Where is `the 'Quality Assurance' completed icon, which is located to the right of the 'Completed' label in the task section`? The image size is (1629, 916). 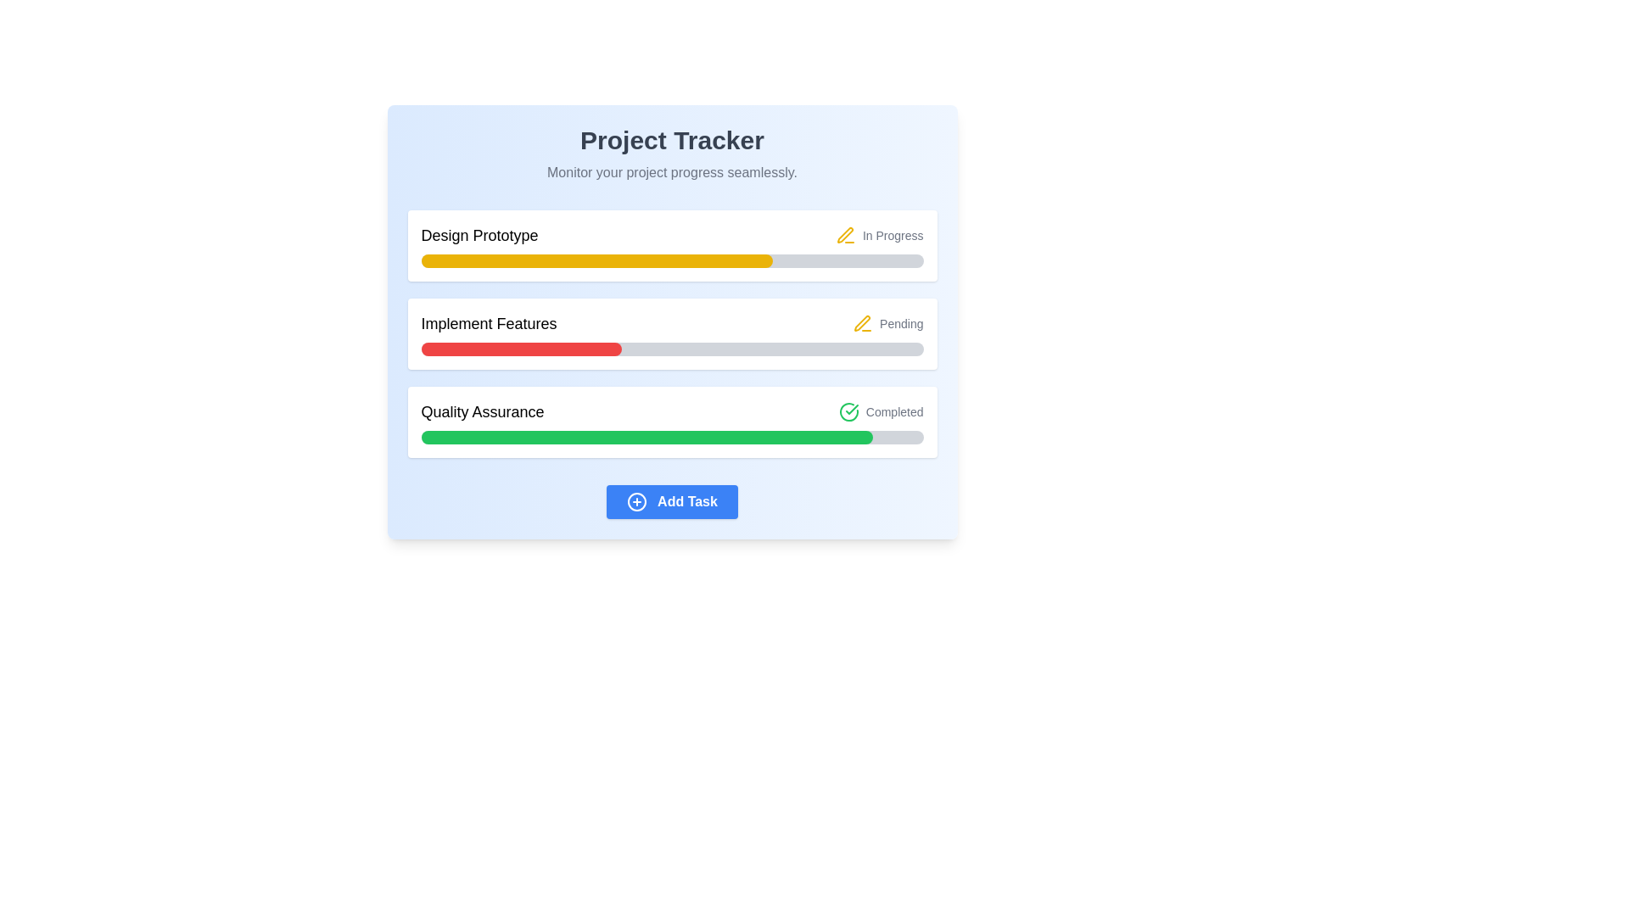 the 'Quality Assurance' completed icon, which is located to the right of the 'Completed' label in the task section is located at coordinates (848, 412).